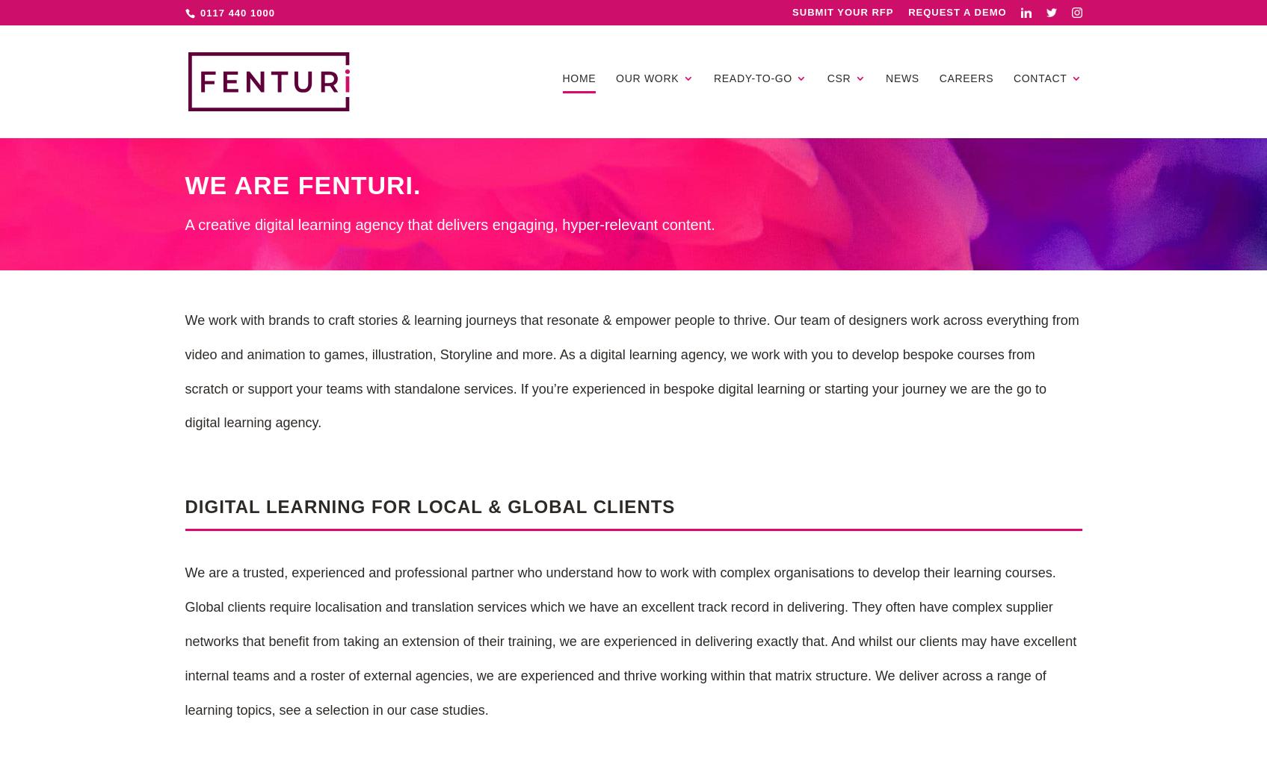 This screenshot has height=770, width=1267. Describe the element at coordinates (902, 77) in the screenshot. I see `'News'` at that location.